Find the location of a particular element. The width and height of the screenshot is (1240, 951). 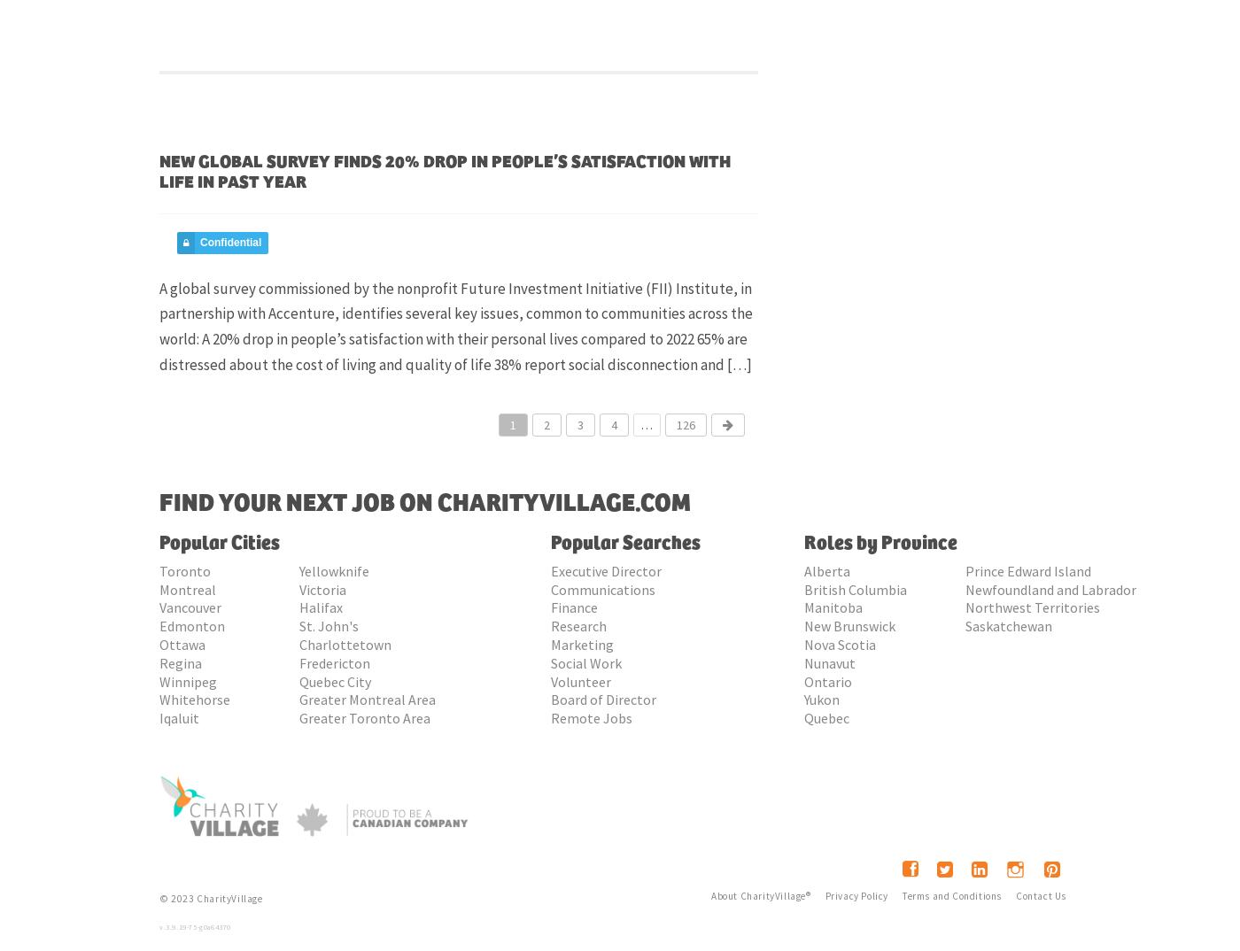

'Remote Jobs' is located at coordinates (591, 717).